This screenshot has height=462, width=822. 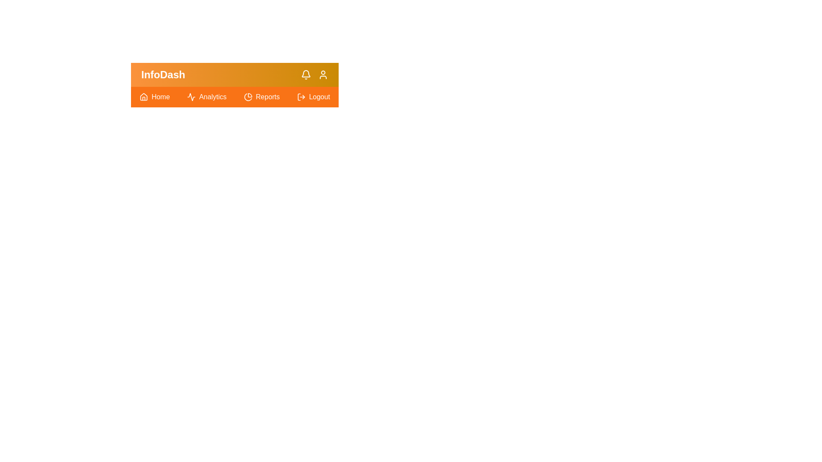 I want to click on the 'Analytics' link in the navigation bar, so click(x=207, y=97).